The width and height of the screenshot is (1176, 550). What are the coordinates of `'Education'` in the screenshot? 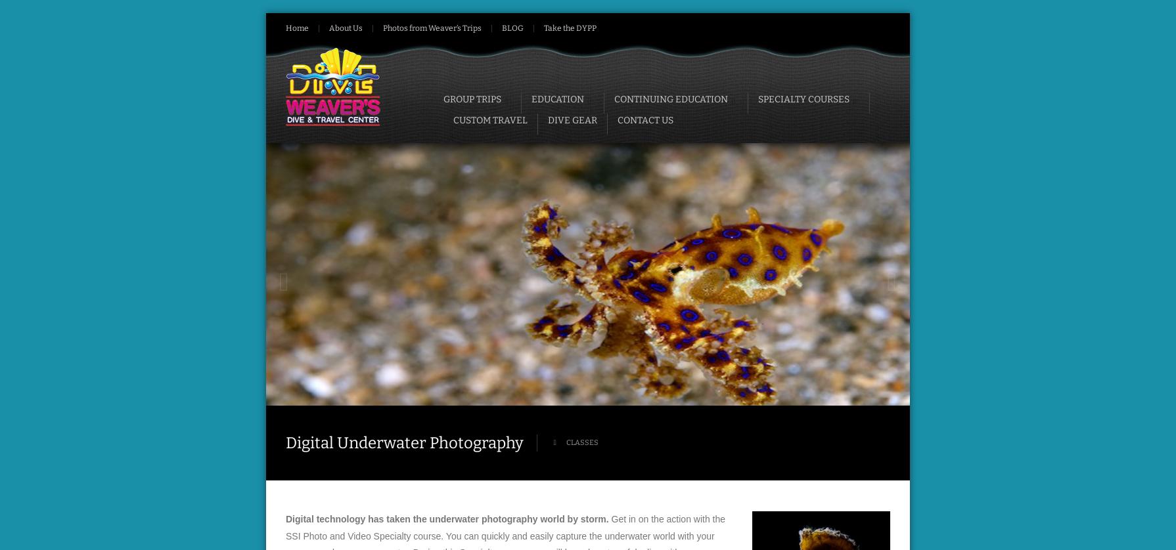 It's located at (556, 98).